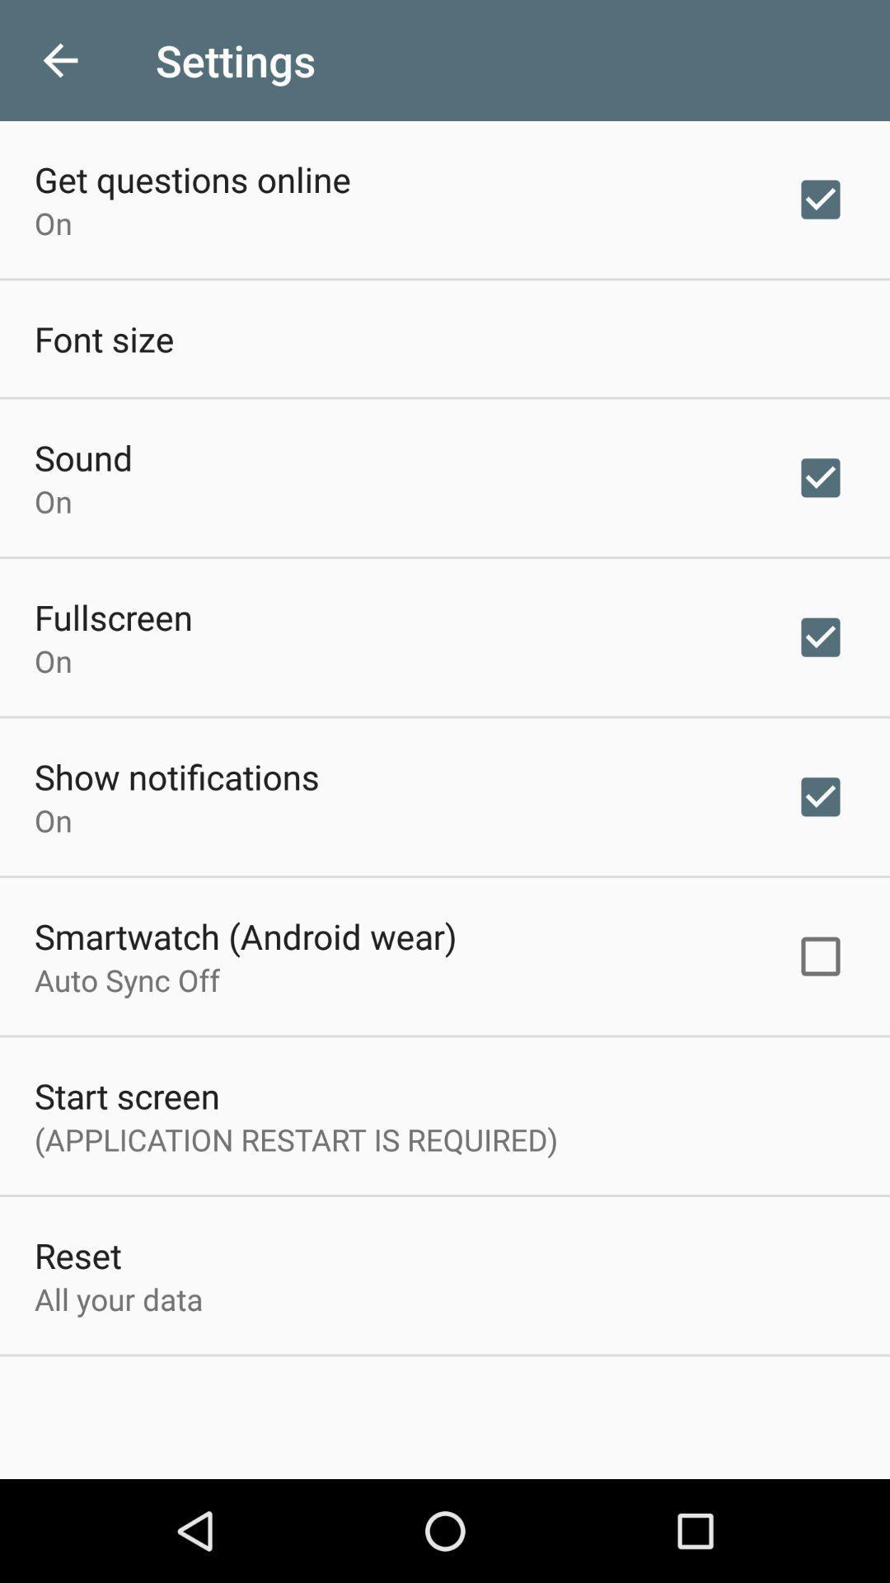  Describe the element at coordinates (246, 936) in the screenshot. I see `icon below the on` at that location.